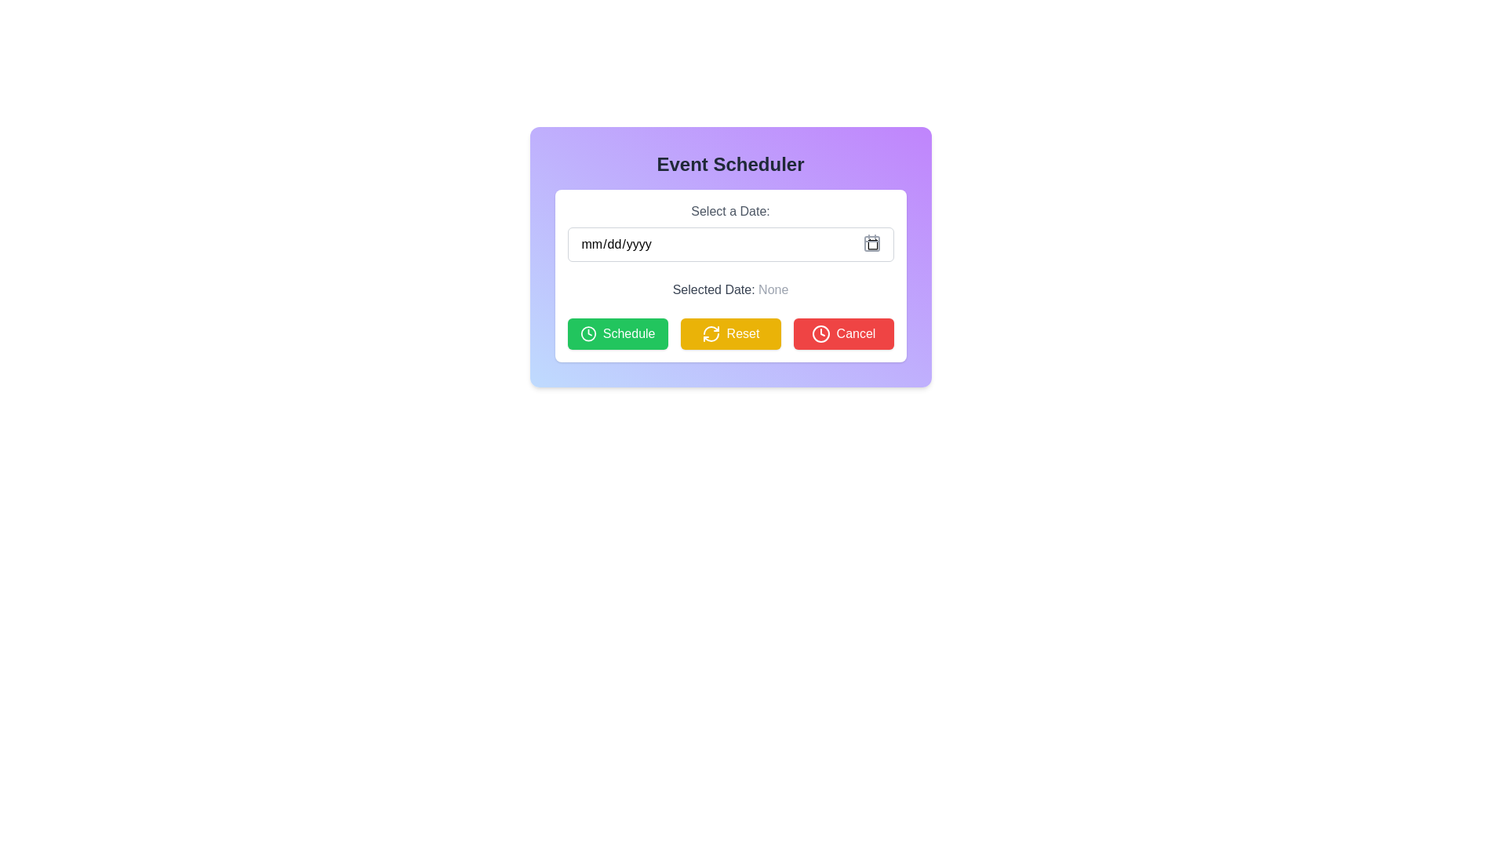 The height and width of the screenshot is (847, 1506). I want to click on the informational label that displays the currently selected date or 'None' if no date is selected, which is located directly below the 'Select a Date:' input field and above the scheduling action buttons, so click(729, 290).